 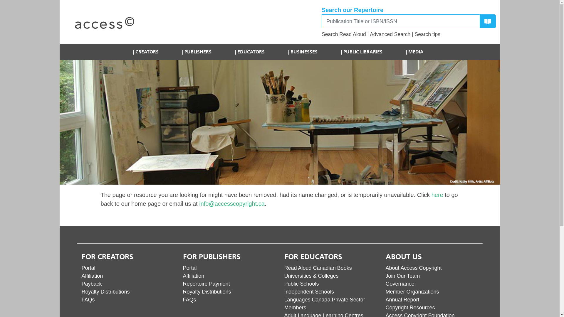 I want to click on 'BUSINESSES', so click(x=303, y=52).